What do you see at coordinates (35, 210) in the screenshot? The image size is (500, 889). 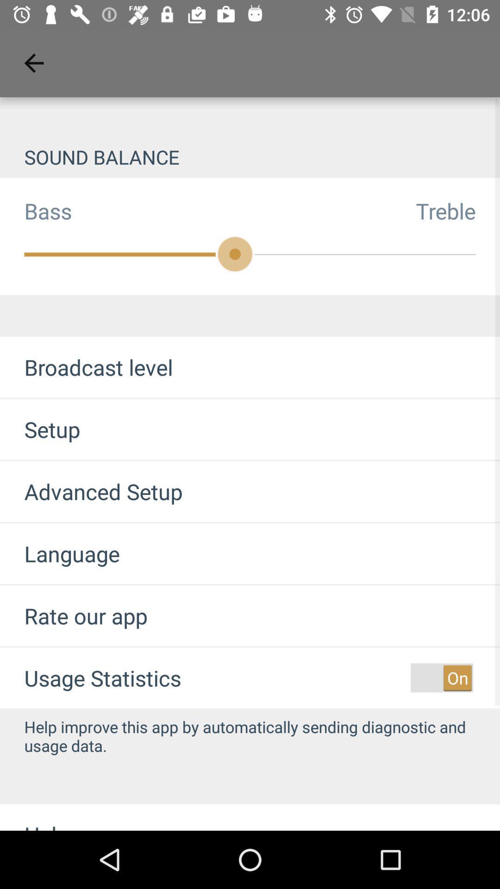 I see `item below sound balance item` at bounding box center [35, 210].